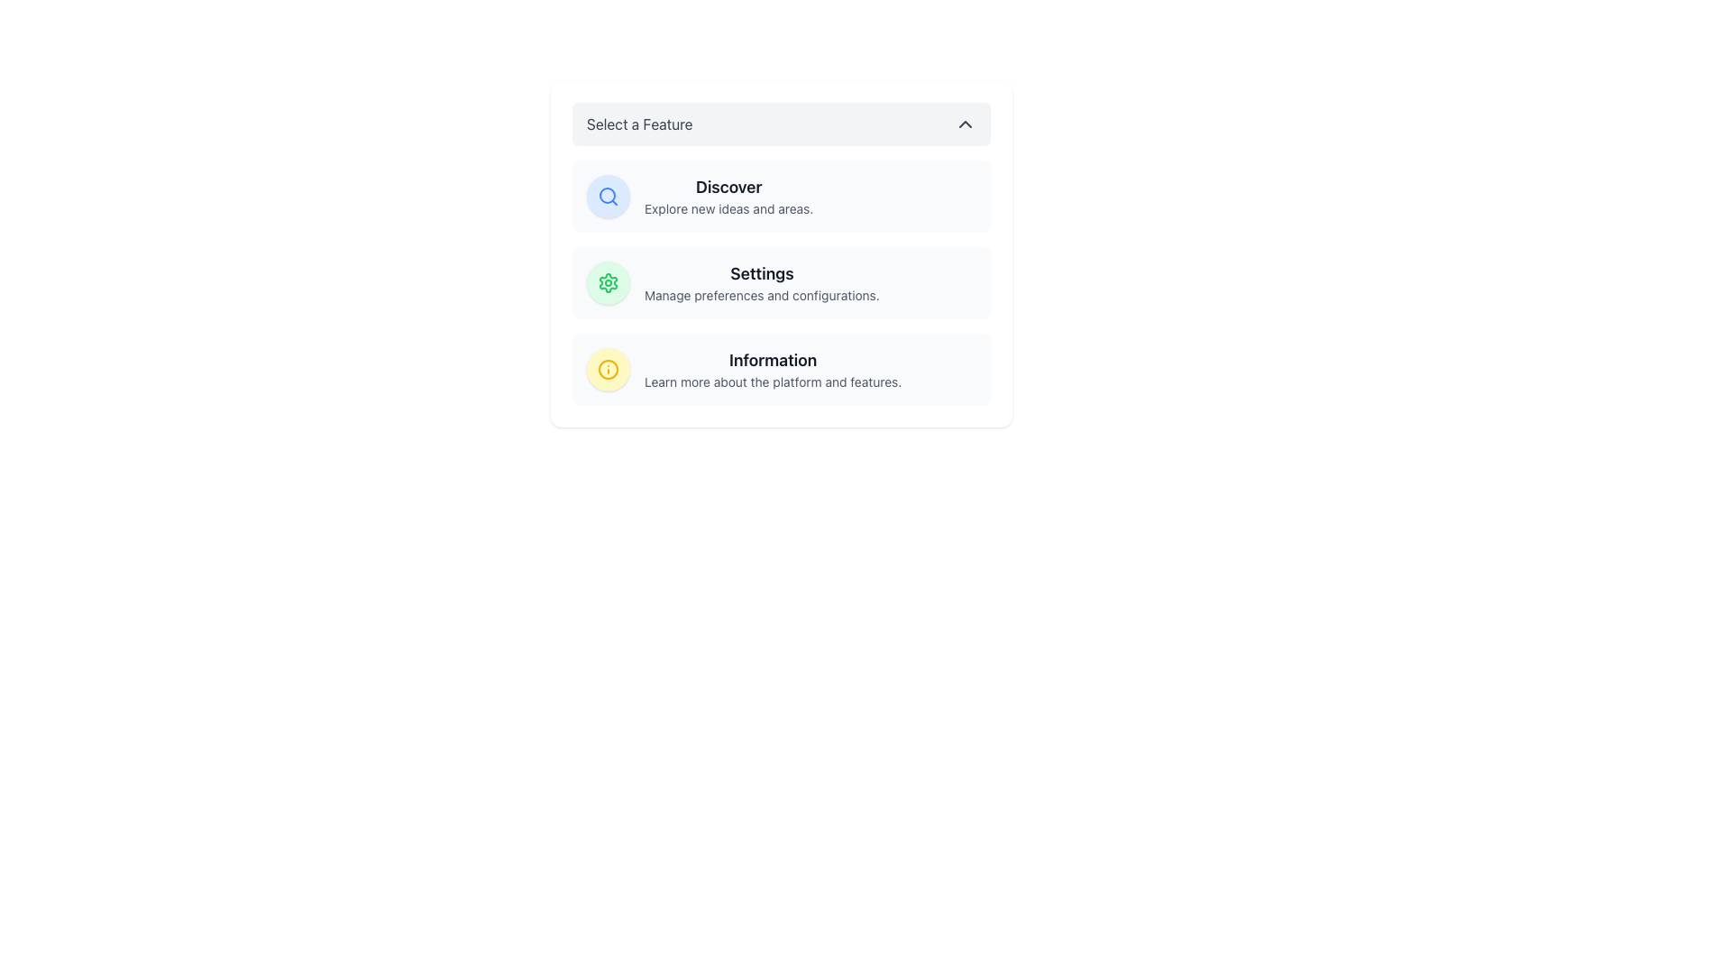 This screenshot has height=974, width=1731. Describe the element at coordinates (609, 197) in the screenshot. I see `the first icon representing the 'Discover' feature, located to the left of the 'Discover' label` at that location.